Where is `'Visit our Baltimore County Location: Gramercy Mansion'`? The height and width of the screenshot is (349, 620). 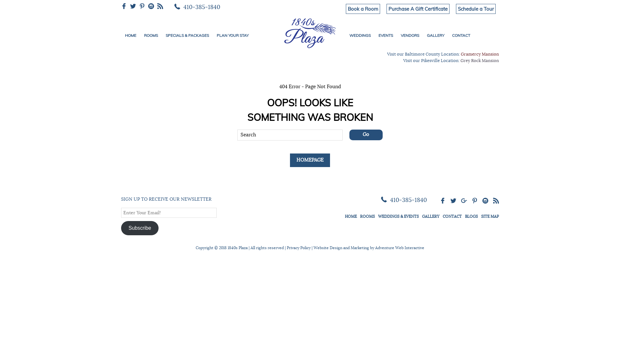 'Visit our Baltimore County Location: Gramercy Mansion' is located at coordinates (443, 54).